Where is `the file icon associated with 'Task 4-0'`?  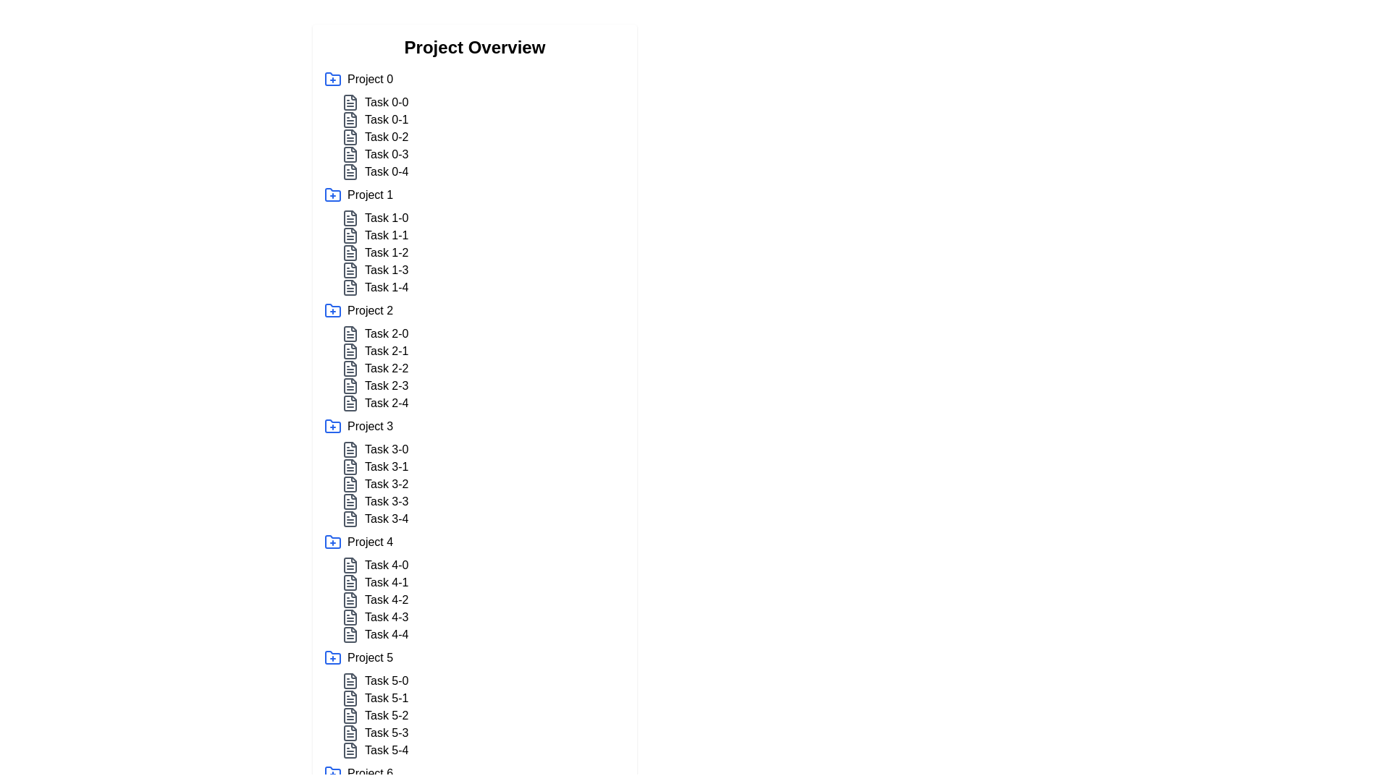 the file icon associated with 'Task 4-0' is located at coordinates (350, 565).